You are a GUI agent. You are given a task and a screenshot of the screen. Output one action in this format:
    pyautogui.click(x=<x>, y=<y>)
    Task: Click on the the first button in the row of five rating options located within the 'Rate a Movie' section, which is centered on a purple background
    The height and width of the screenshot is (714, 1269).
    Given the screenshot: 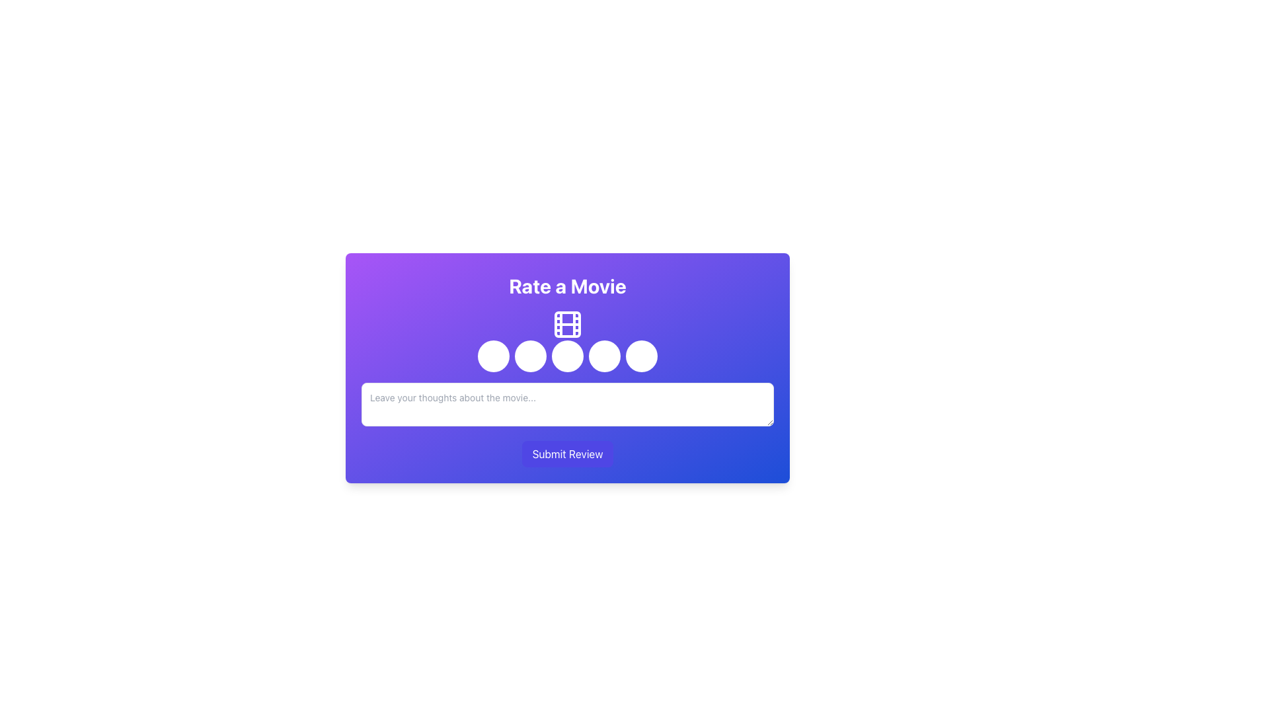 What is the action you would take?
    pyautogui.click(x=493, y=356)
    